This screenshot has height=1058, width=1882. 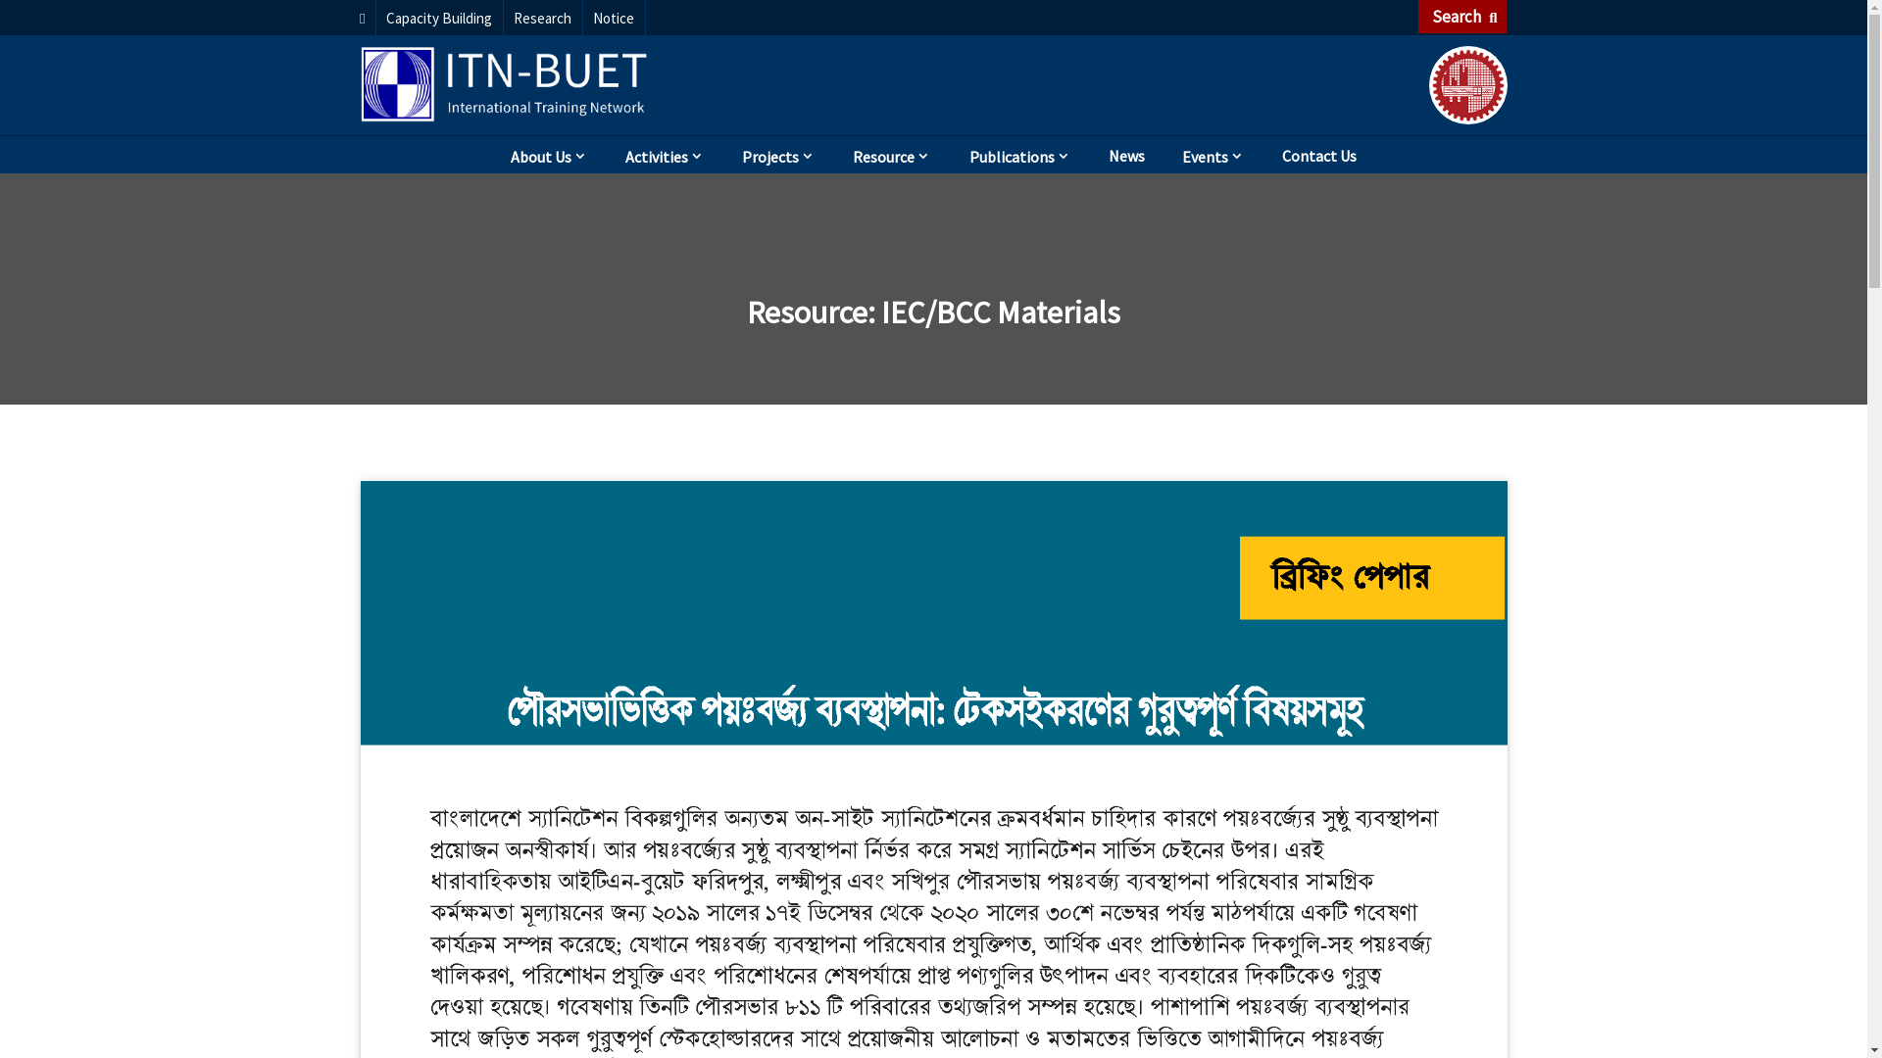 What do you see at coordinates (891, 153) in the screenshot?
I see `'Resource'` at bounding box center [891, 153].